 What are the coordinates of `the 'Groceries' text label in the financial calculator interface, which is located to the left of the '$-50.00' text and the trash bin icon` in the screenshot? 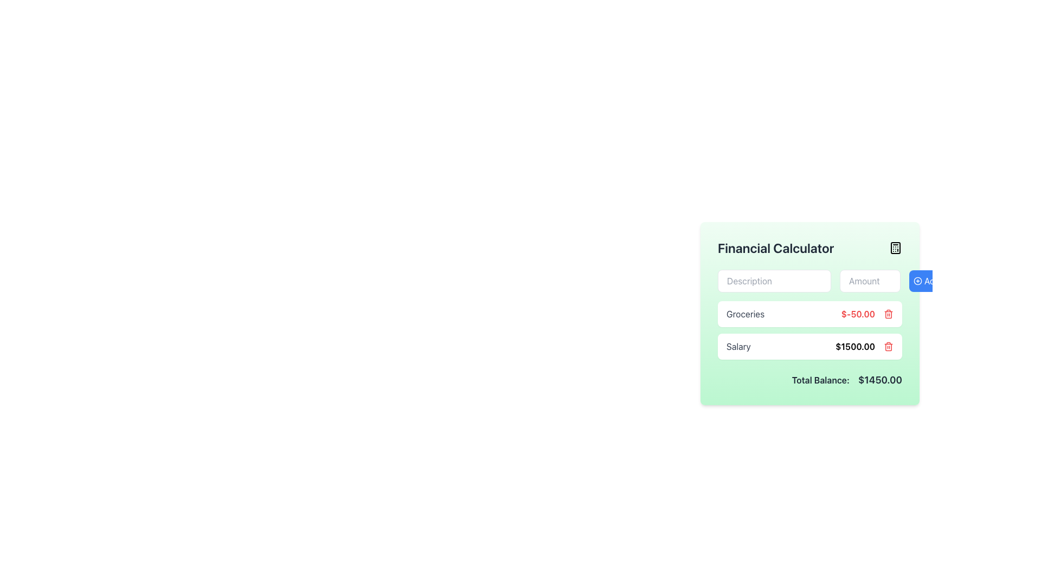 It's located at (745, 314).